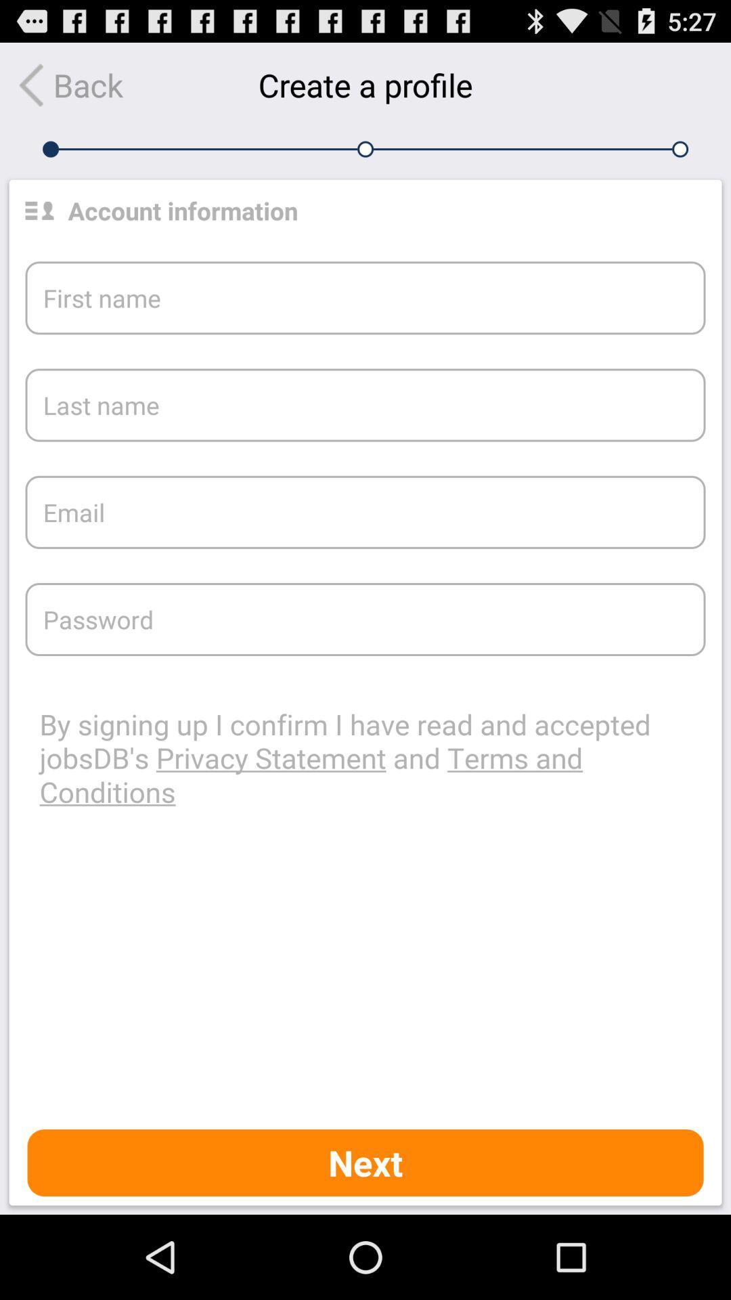 This screenshot has width=731, height=1300. What do you see at coordinates (365, 1162) in the screenshot?
I see `the next button` at bounding box center [365, 1162].